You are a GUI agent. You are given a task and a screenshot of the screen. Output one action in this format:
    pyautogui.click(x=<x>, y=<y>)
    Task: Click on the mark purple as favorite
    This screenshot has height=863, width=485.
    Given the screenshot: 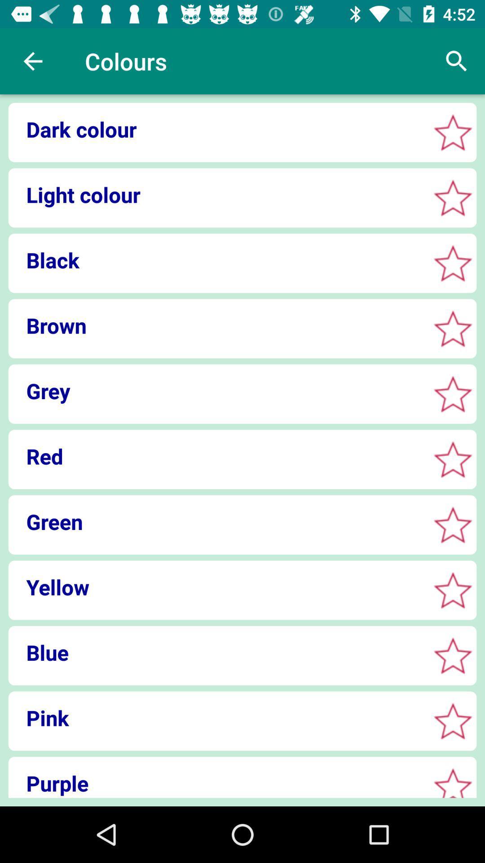 What is the action you would take?
    pyautogui.click(x=453, y=784)
    